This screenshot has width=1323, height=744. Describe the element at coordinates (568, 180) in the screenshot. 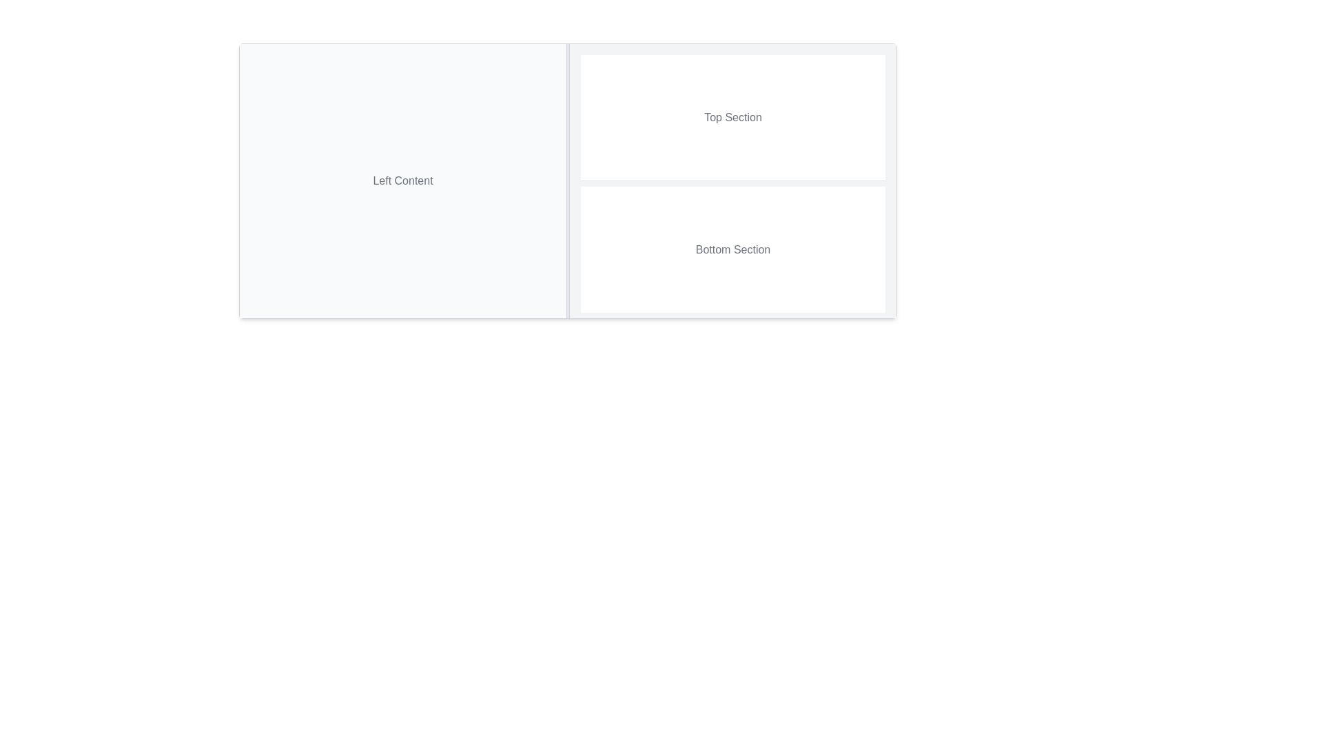

I see `and drag the resizable divider located between the 'Left Content' section and the 'Top Section'/'Bottom Section' to adjust the width of the adjacent sections horizontally` at that location.